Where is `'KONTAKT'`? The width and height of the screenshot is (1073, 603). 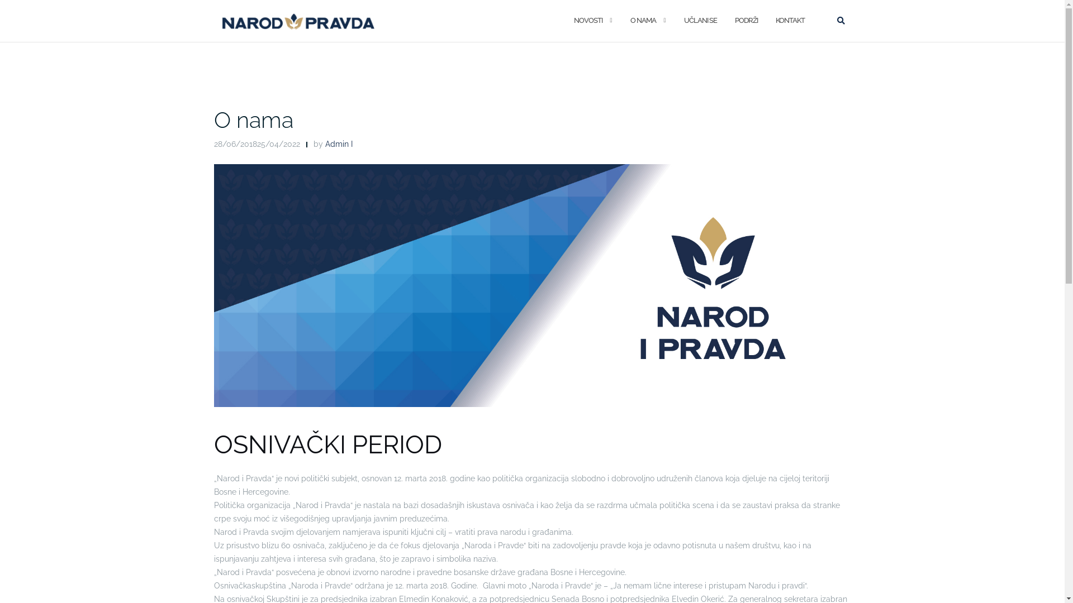 'KONTAKT' is located at coordinates (775, 21).